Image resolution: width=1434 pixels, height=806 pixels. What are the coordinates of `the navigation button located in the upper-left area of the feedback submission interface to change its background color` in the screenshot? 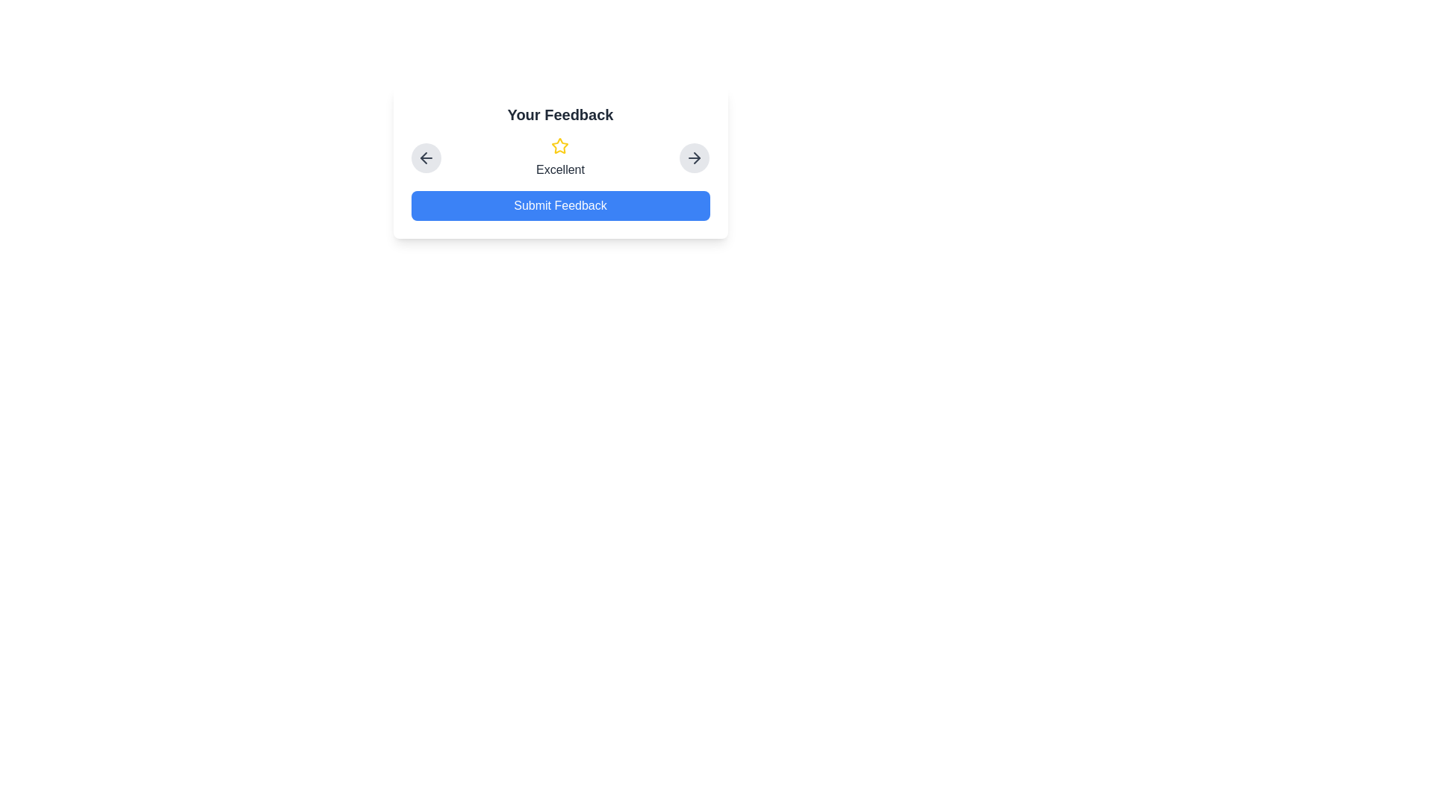 It's located at (425, 158).